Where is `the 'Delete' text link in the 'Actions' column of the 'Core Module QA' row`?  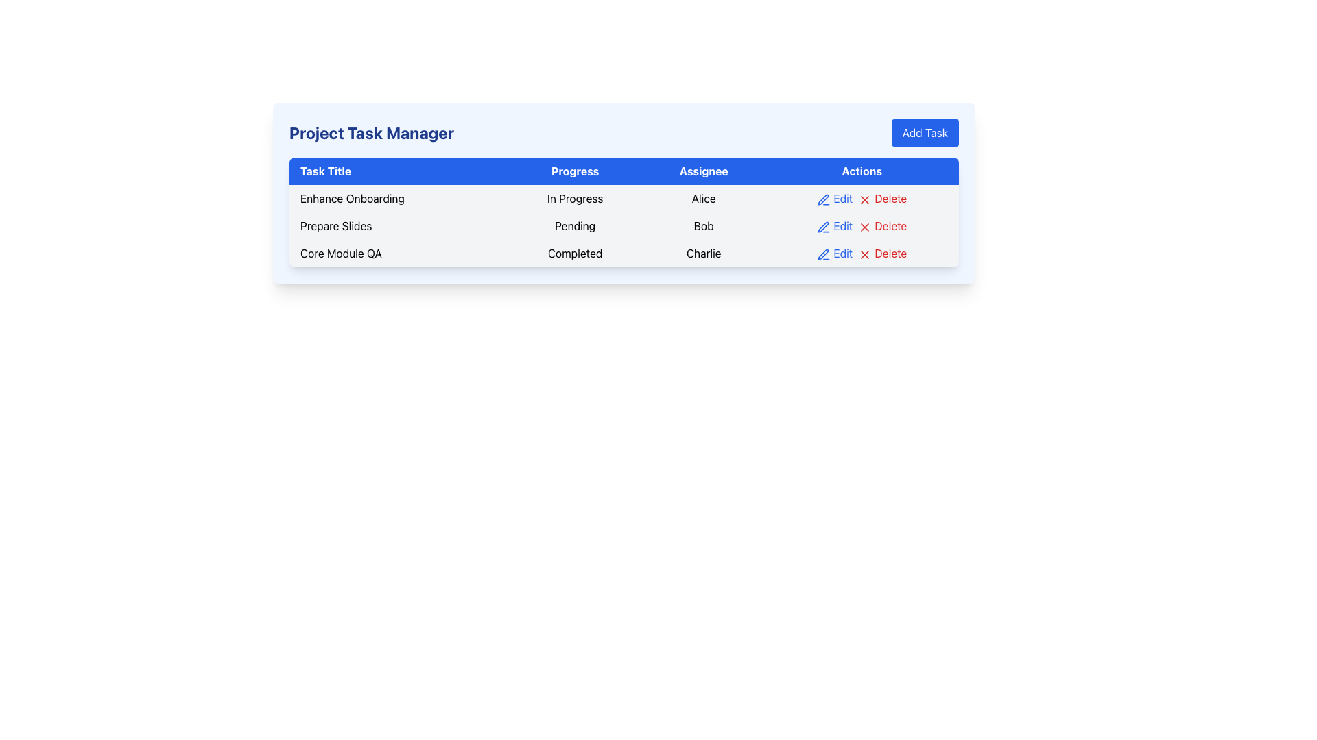 the 'Delete' text link in the 'Actions' column of the 'Core Module QA' row is located at coordinates (861, 254).